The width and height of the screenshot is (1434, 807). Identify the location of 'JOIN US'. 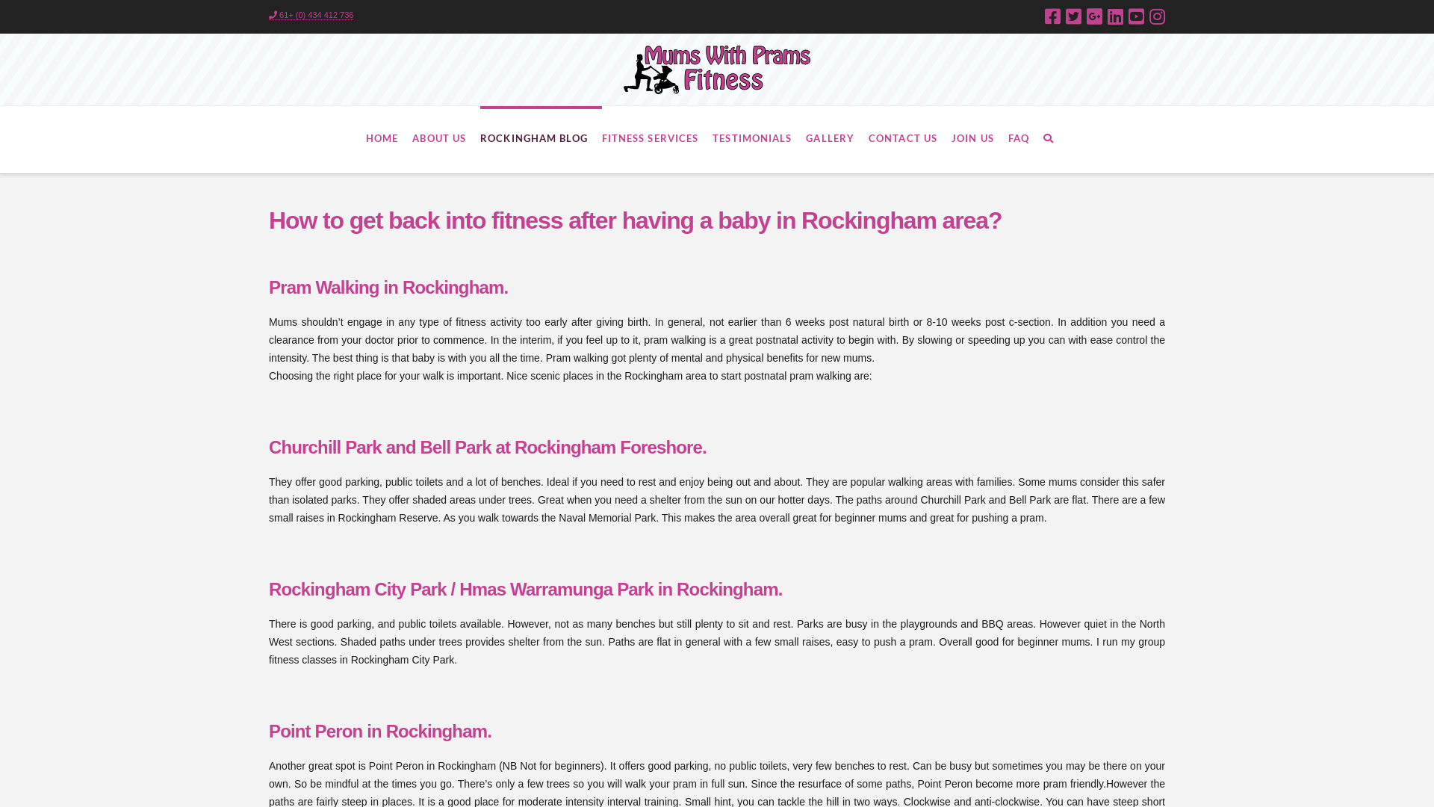
(950, 139).